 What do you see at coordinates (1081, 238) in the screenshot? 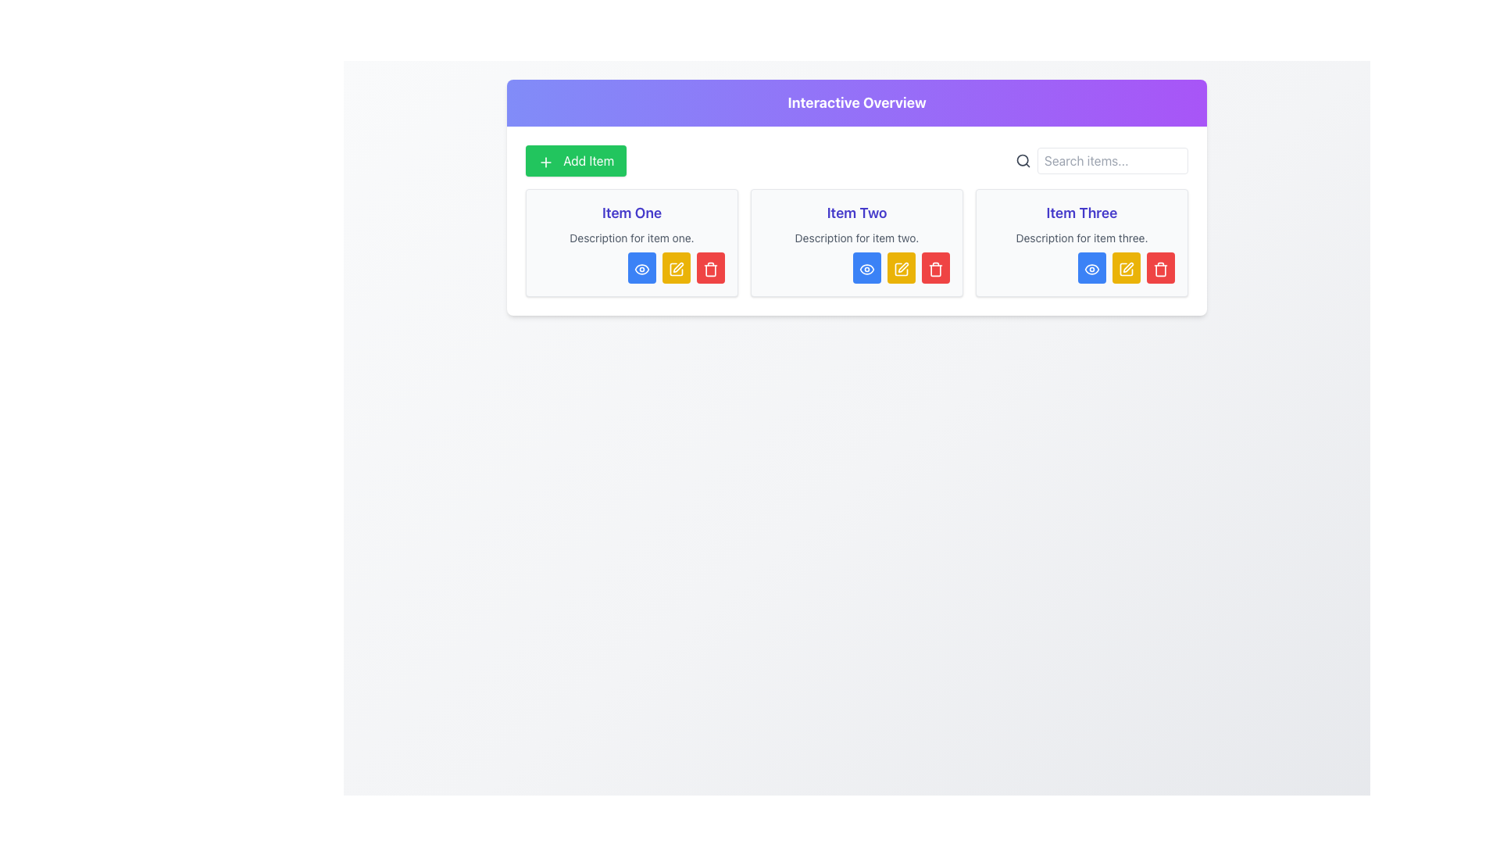
I see `the text label displaying 'Description for item three.' located below the title 'Item Three' in the panel` at bounding box center [1081, 238].